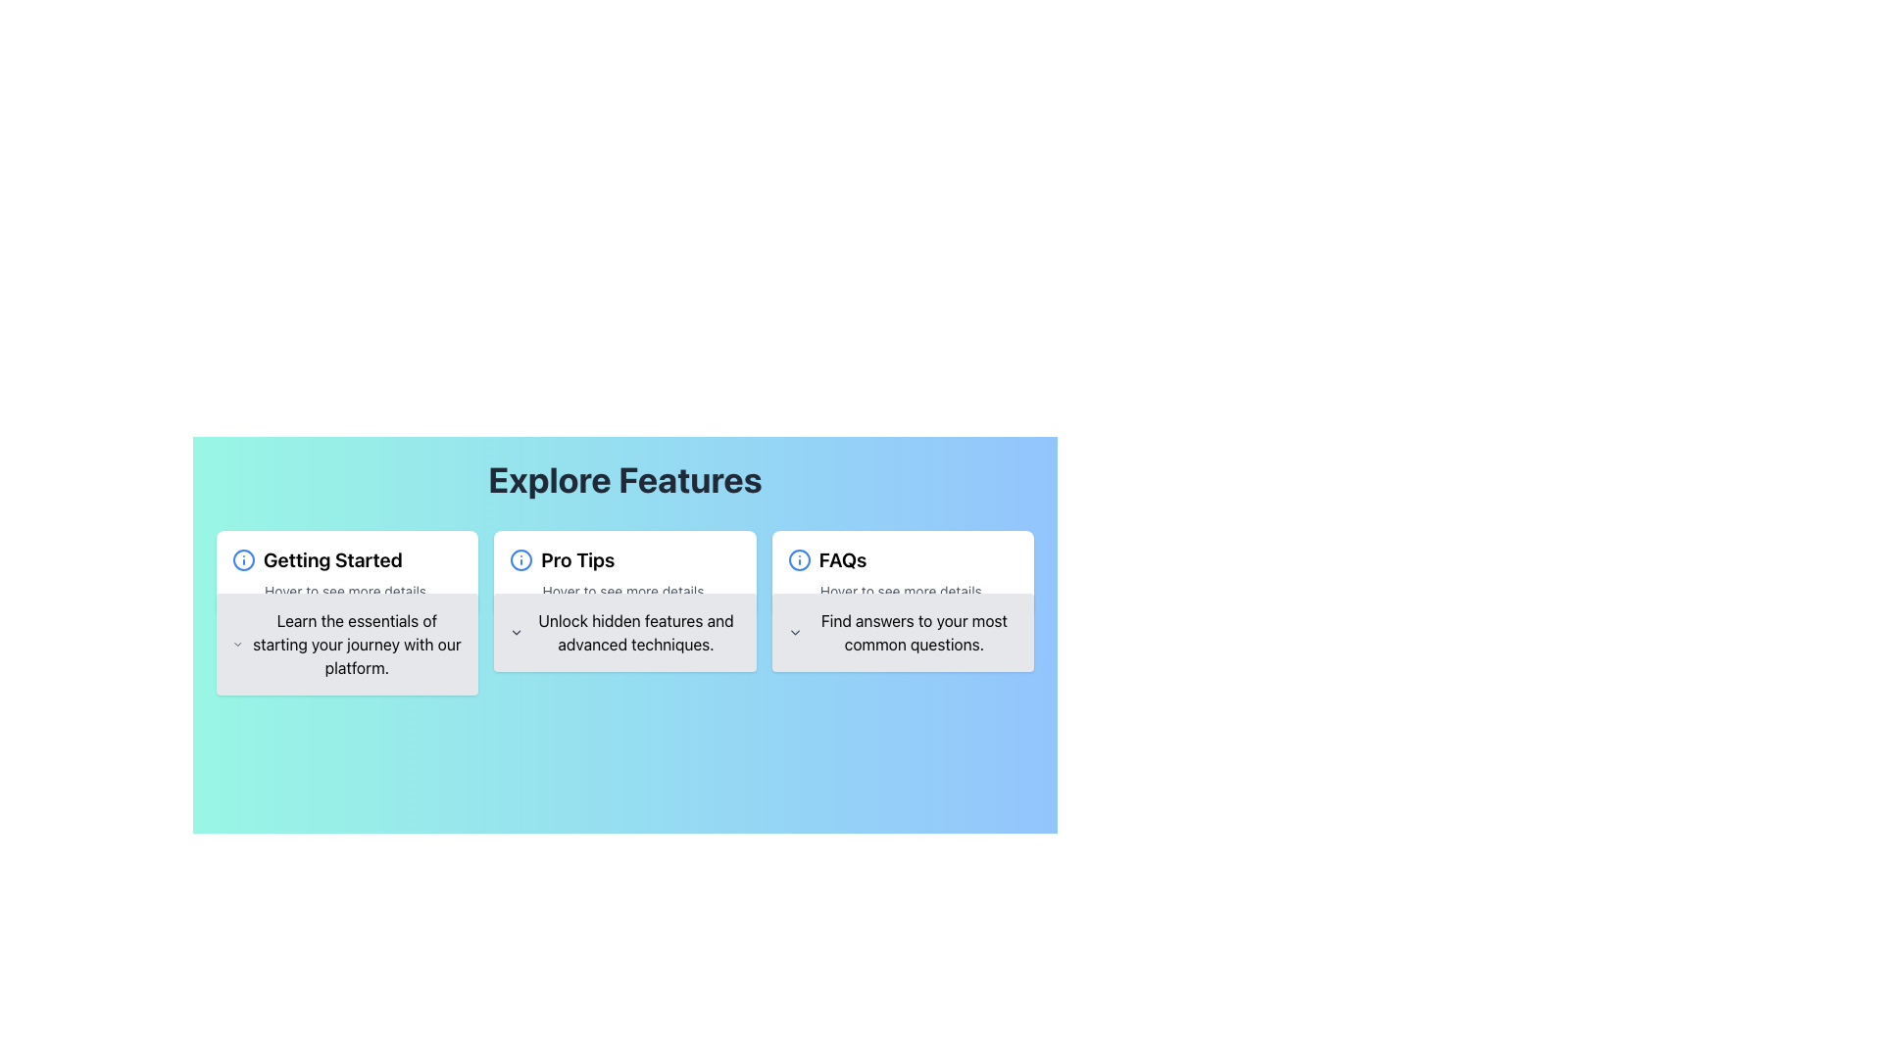 Image resolution: width=1882 pixels, height=1058 pixels. Describe the element at coordinates (357, 645) in the screenshot. I see `the static text content that reads 'Learn the essentials of starting your journey with our platform.' located in the lower half of the leftmost card beneath the 'Getting Started' title` at that location.